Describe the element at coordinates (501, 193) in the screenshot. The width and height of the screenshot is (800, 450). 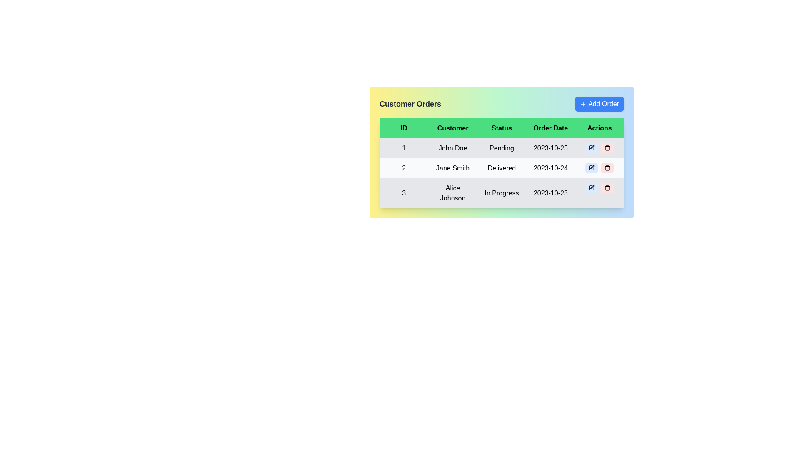
I see `the 'Status' text label in the third row of the customer orders table, which indicates the order status and is positioned between the 'Customer' column for 'Alice Johnson' and the 'Order Date' column for '2023-10-23'` at that location.